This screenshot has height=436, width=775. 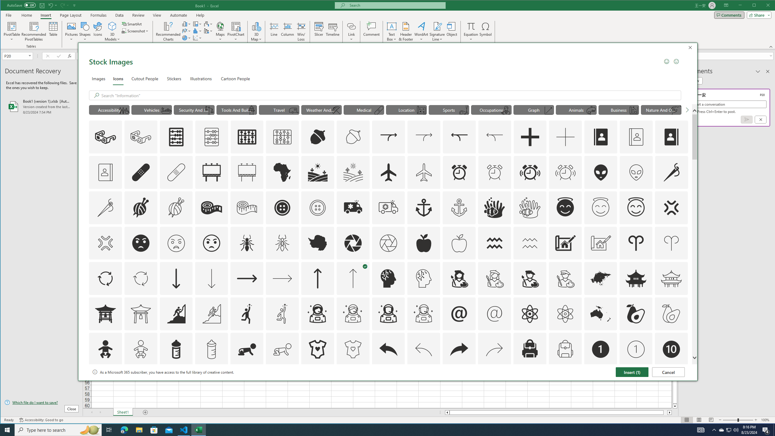 What do you see at coordinates (437, 31) in the screenshot?
I see `'Signature Line'` at bounding box center [437, 31].